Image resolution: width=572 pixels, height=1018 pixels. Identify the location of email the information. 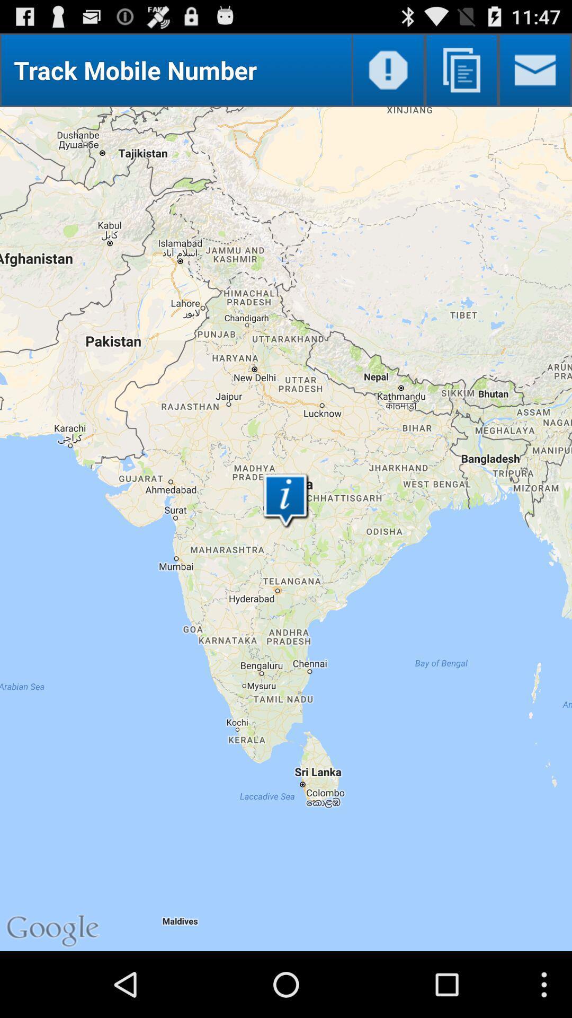
(535, 69).